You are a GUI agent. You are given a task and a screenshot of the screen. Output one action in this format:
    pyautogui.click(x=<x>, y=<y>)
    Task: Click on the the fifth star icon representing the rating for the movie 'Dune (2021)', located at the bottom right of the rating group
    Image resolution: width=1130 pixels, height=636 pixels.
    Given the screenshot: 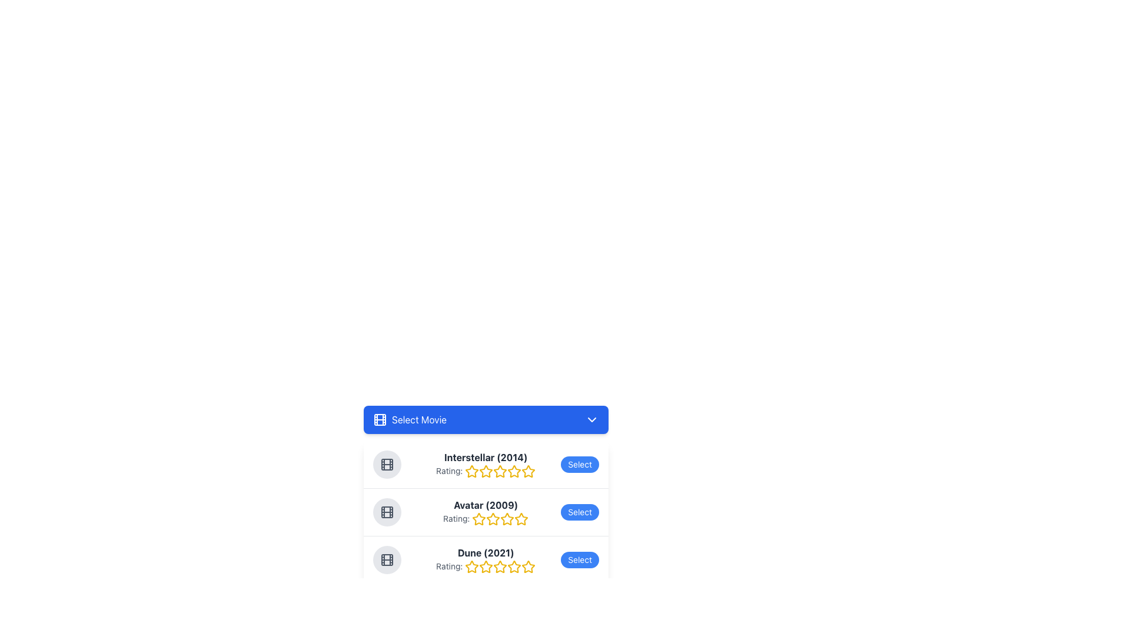 What is the action you would take?
    pyautogui.click(x=528, y=567)
    